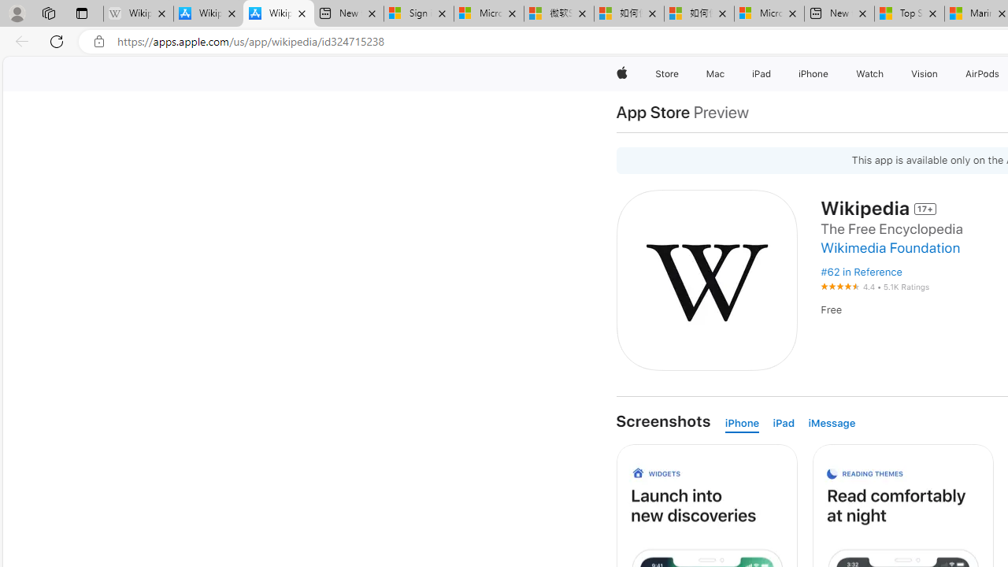 The width and height of the screenshot is (1008, 567). I want to click on 'Store', so click(666, 73).